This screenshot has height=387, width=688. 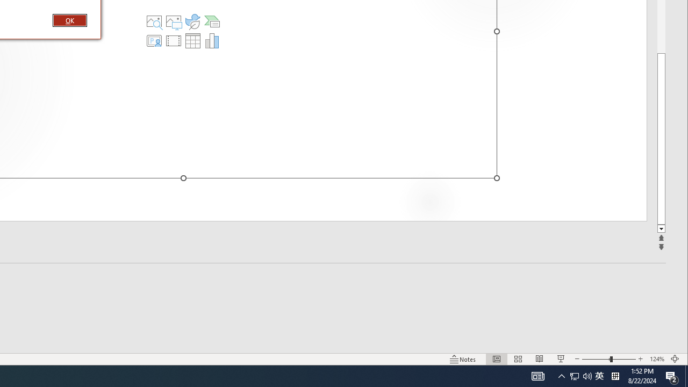 What do you see at coordinates (174, 21) in the screenshot?
I see `'Pictures'` at bounding box center [174, 21].